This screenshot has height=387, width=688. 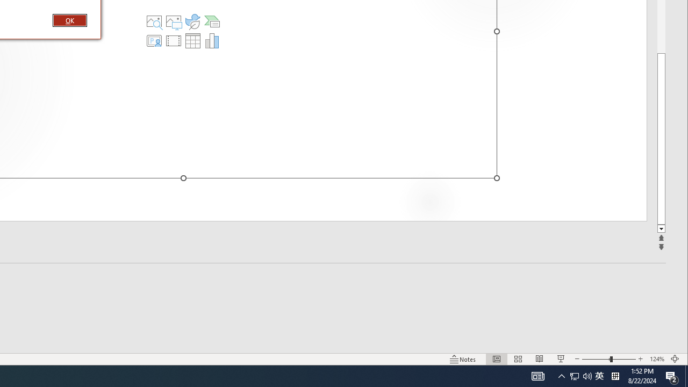 What do you see at coordinates (174, 21) in the screenshot?
I see `'Pictures'` at bounding box center [174, 21].